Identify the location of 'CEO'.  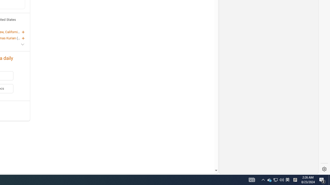
(21, 38).